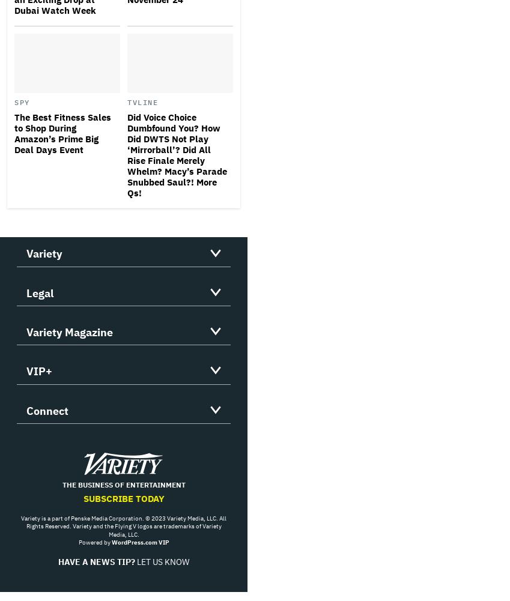 This screenshot has height=601, width=510. Describe the element at coordinates (68, 396) in the screenshot. I see `'Customer Service'` at that location.